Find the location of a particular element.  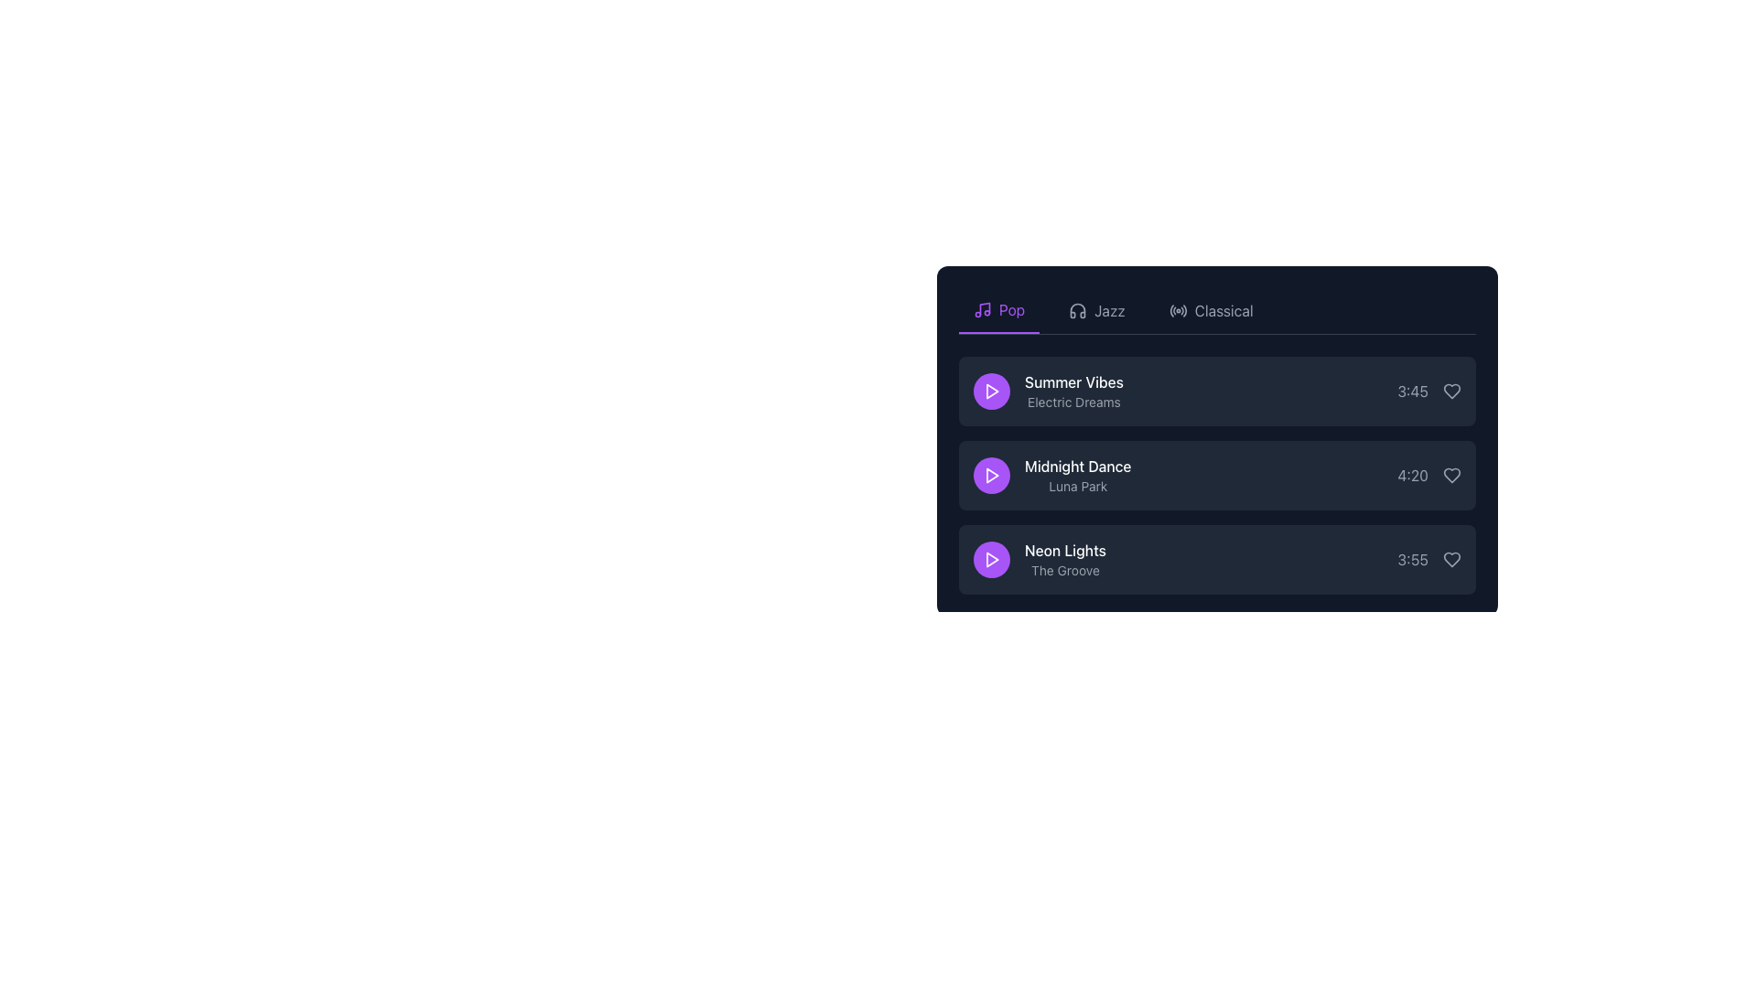

the hollow heart icon is located at coordinates (1451, 559).